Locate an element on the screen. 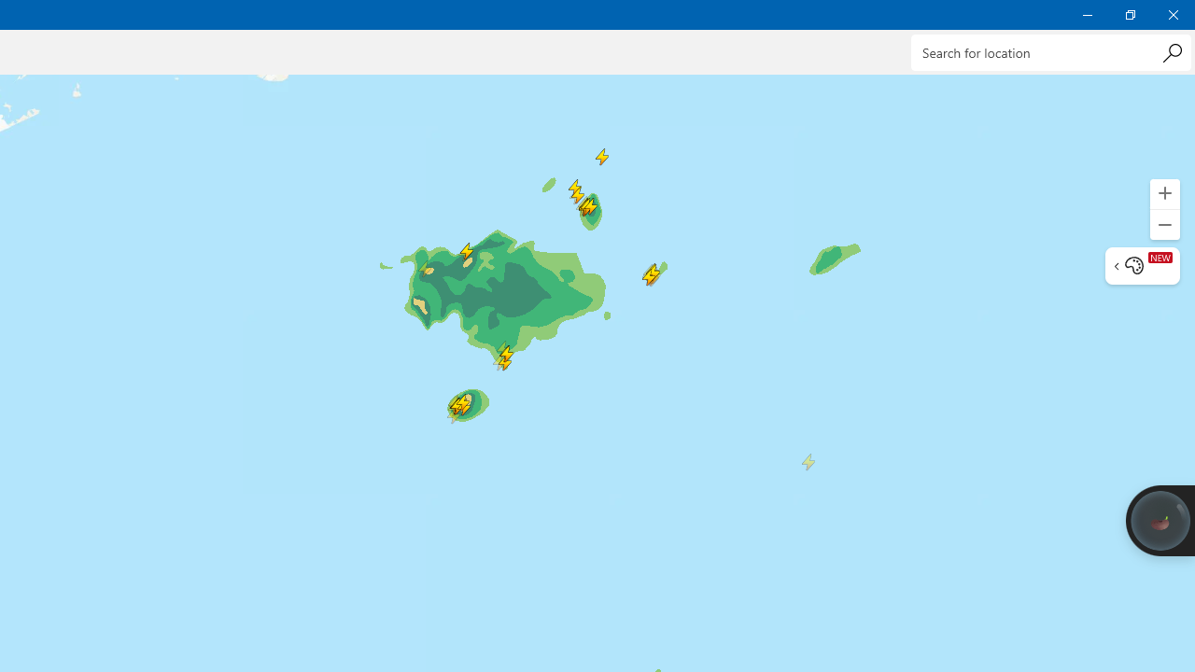 This screenshot has height=672, width=1195. 'Search for location' is located at coordinates (1050, 51).